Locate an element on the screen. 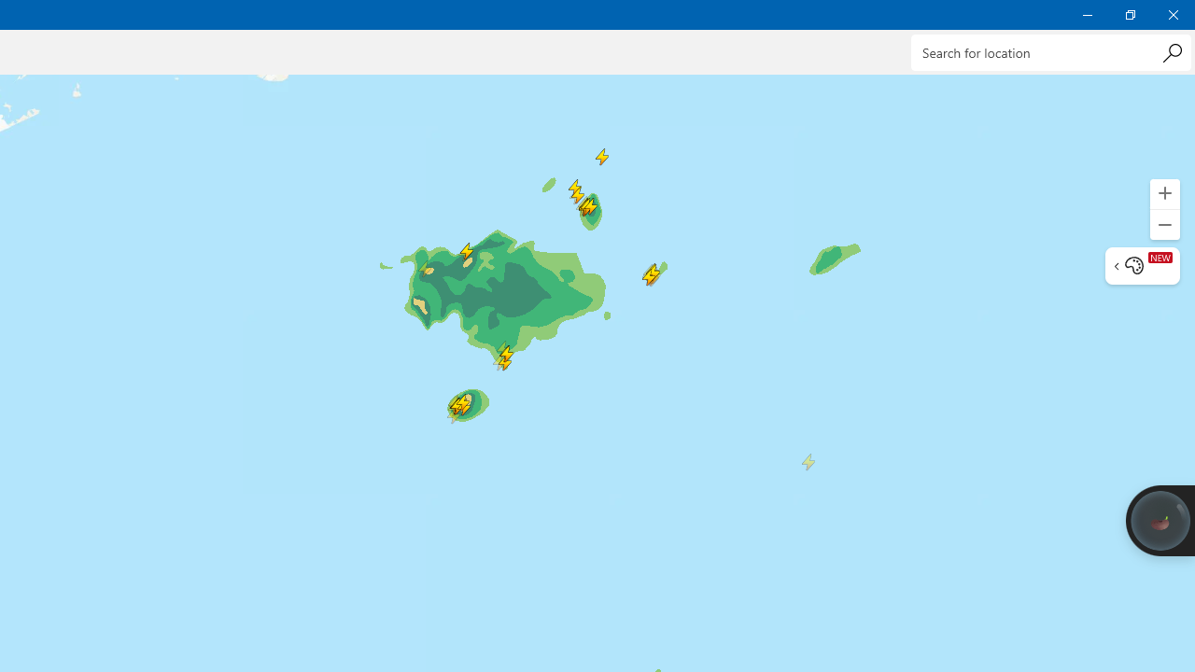 This screenshot has height=672, width=1195. 'Search for location' is located at coordinates (1050, 51).